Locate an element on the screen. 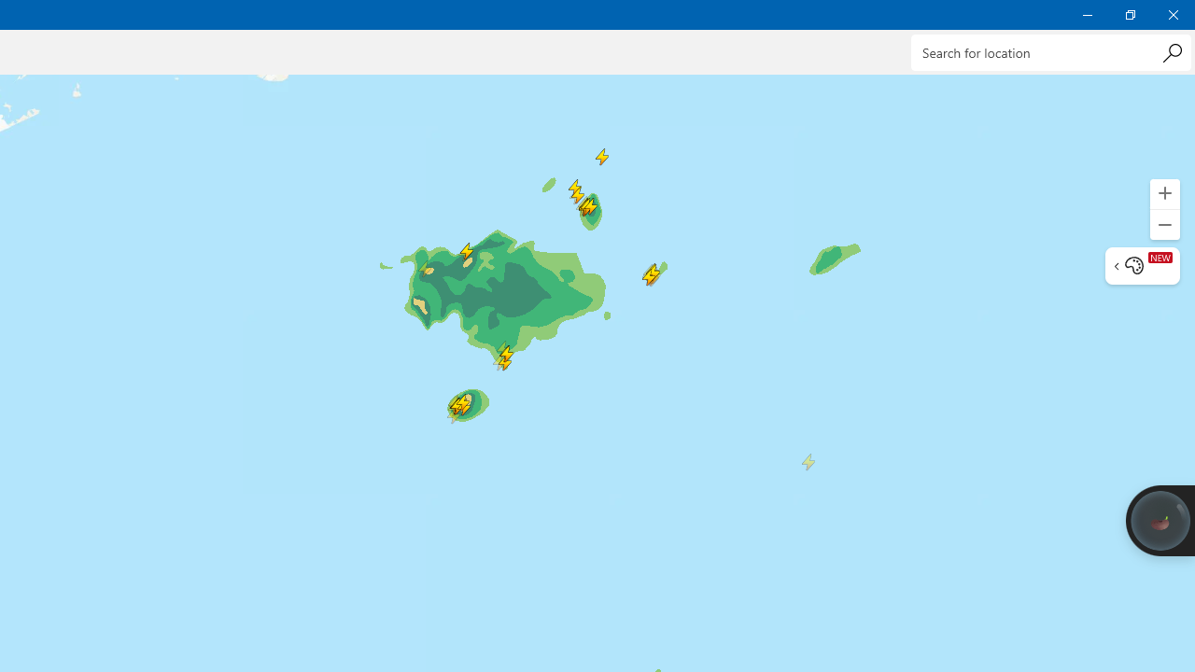 This screenshot has height=672, width=1195. 'Search for location' is located at coordinates (1050, 51).